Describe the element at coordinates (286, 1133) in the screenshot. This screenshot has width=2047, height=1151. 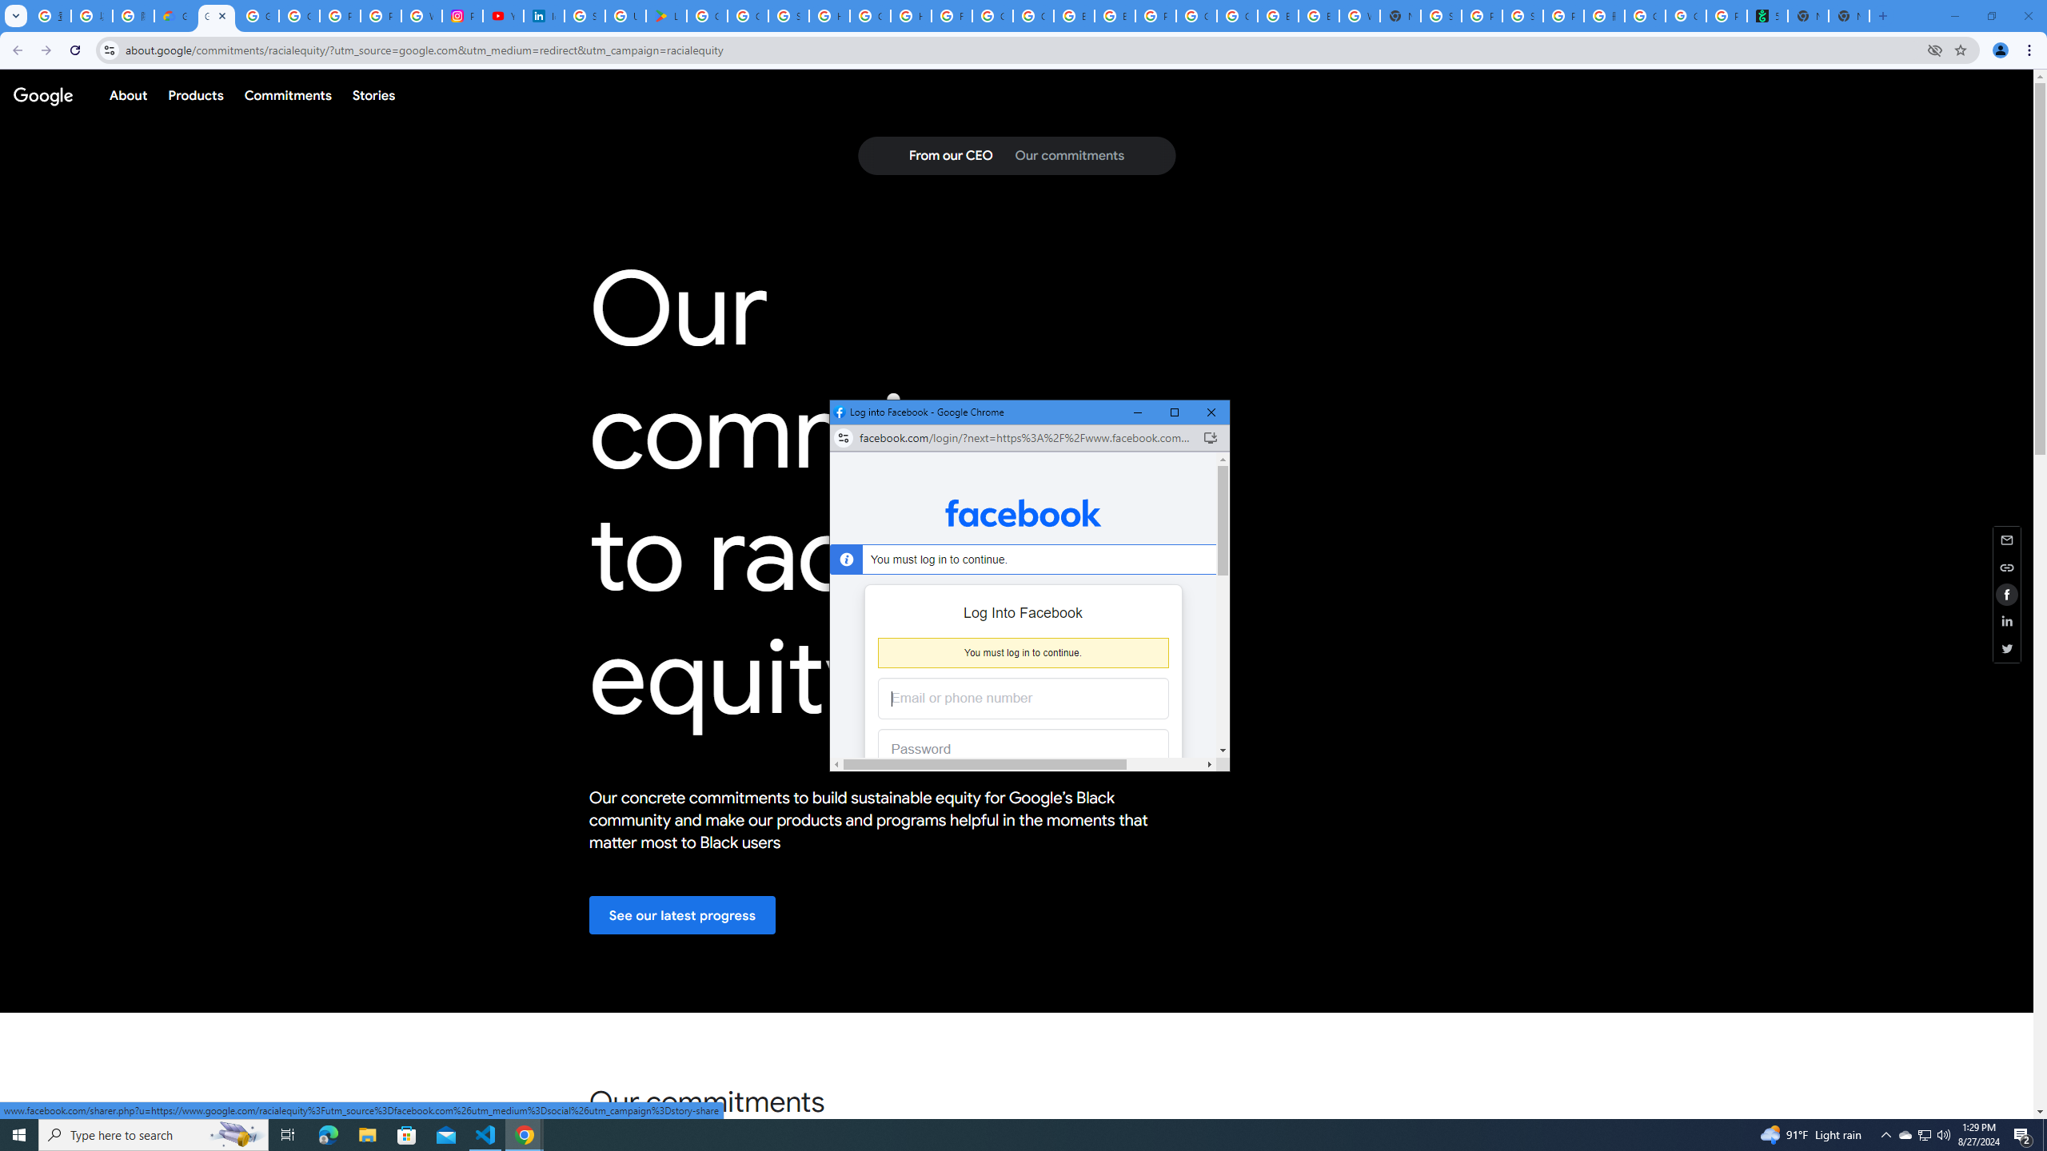
I see `'Task View'` at that location.